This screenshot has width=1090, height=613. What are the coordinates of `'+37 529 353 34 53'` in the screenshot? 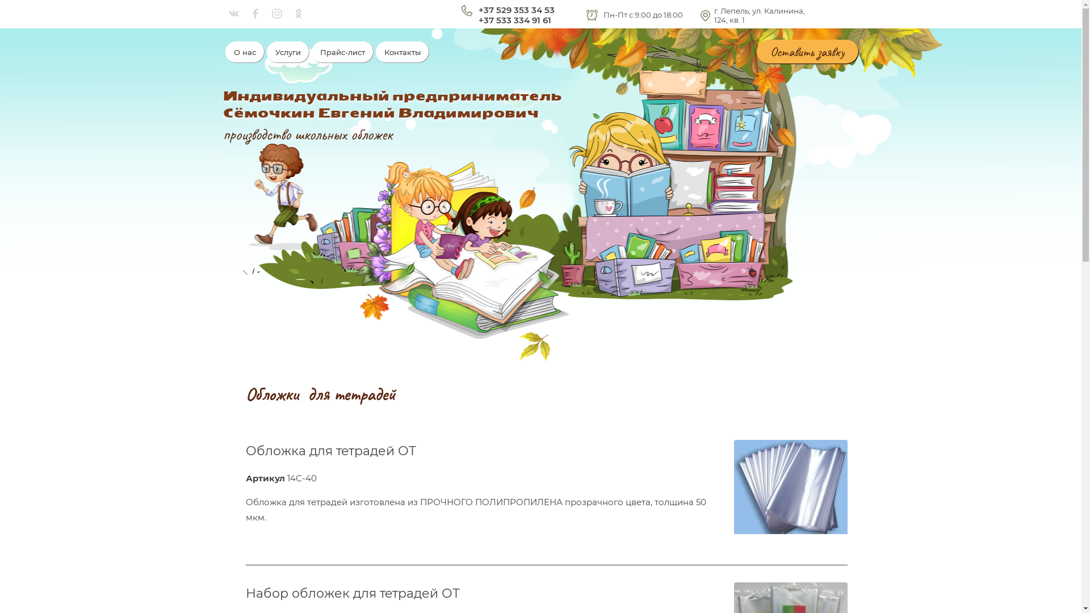 It's located at (477, 10).